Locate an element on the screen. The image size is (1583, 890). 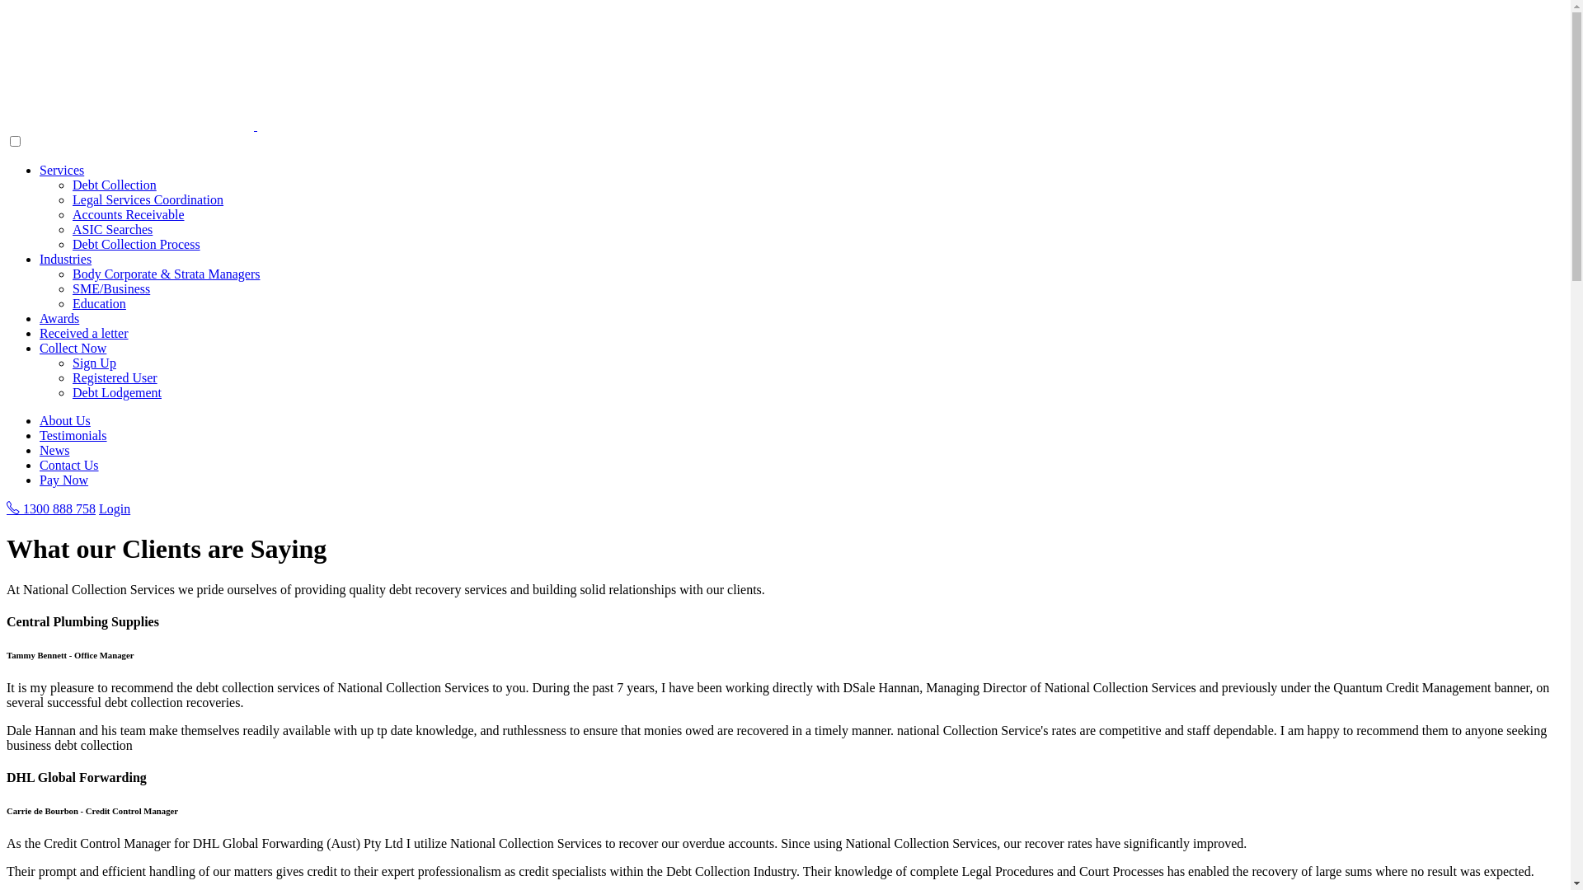
'Services' is located at coordinates (62, 170).